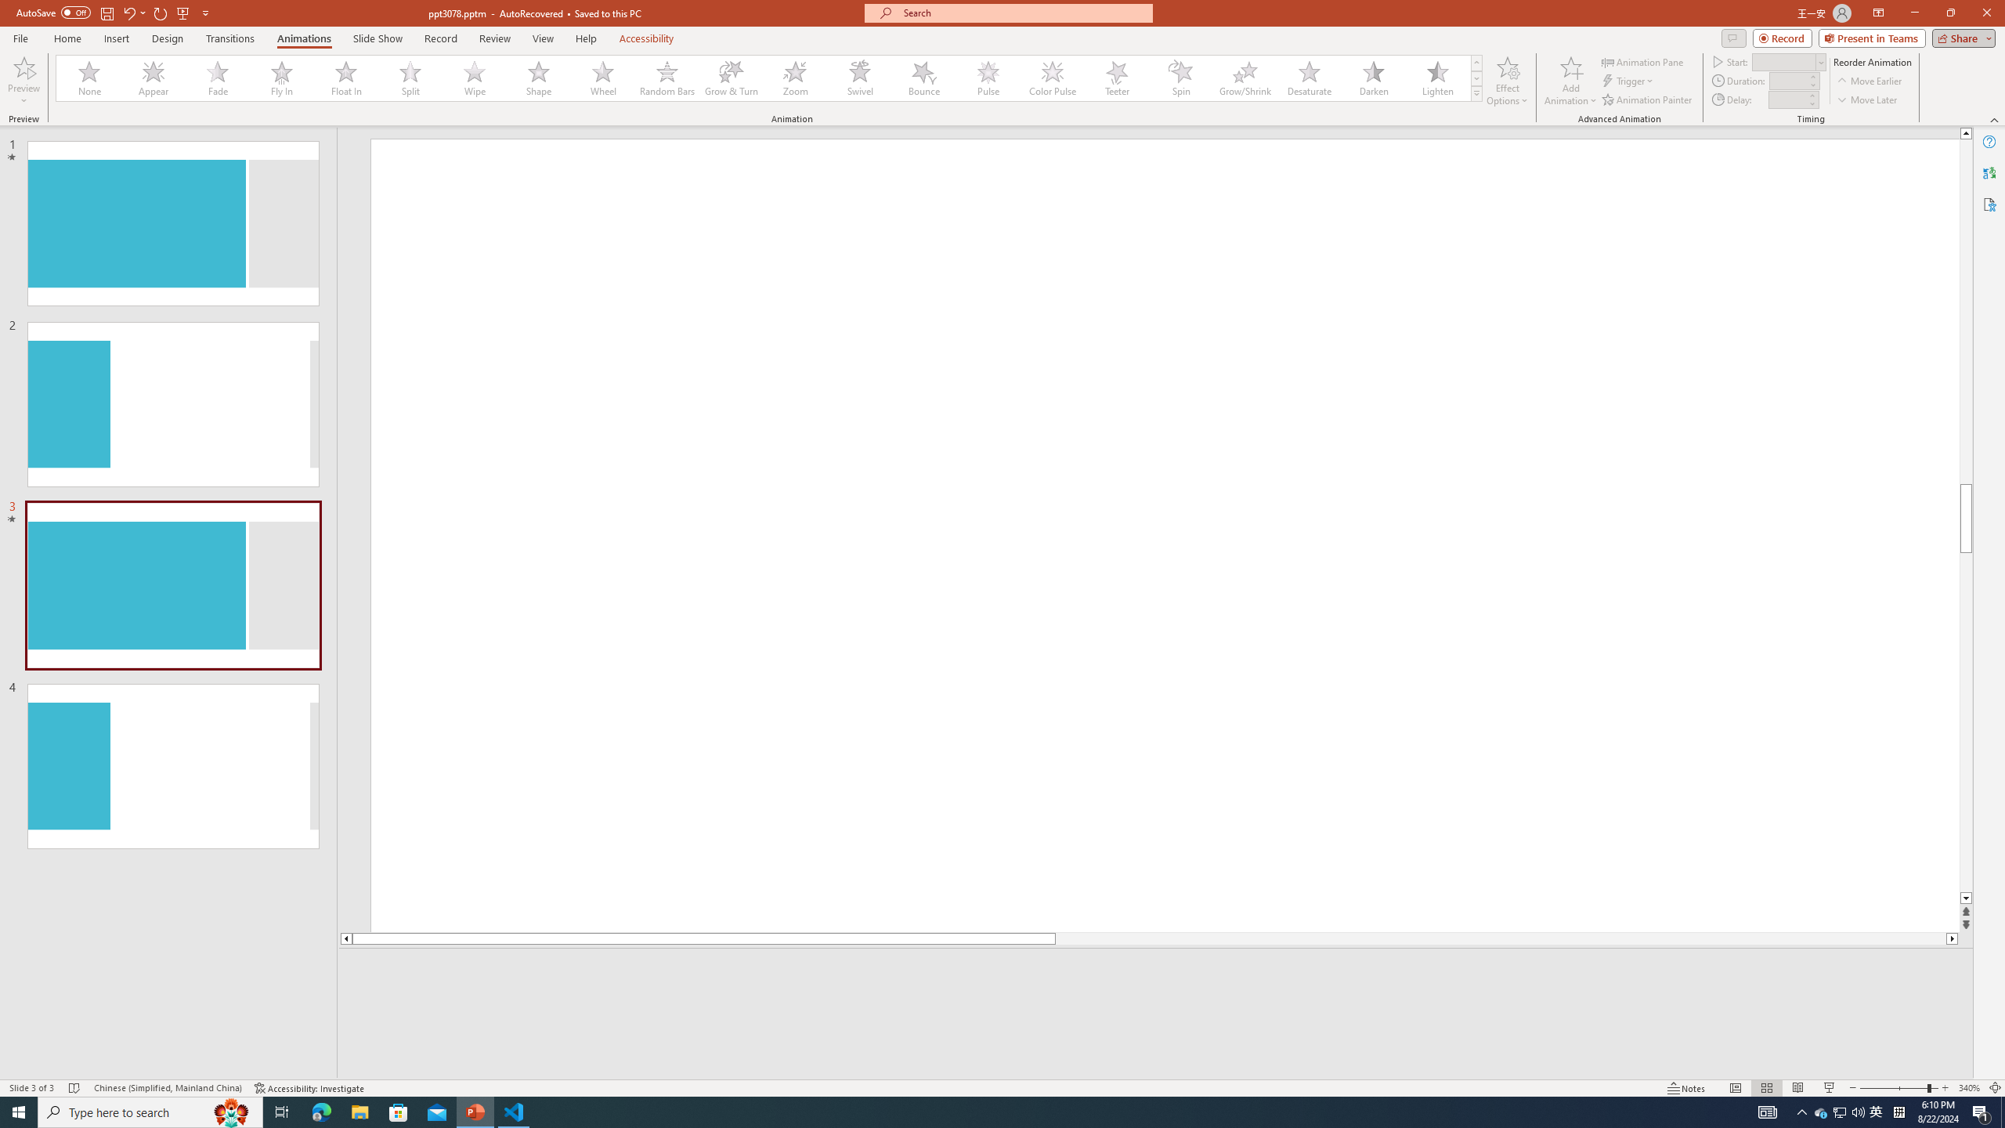  I want to click on 'Grow/Shrink', so click(1245, 78).